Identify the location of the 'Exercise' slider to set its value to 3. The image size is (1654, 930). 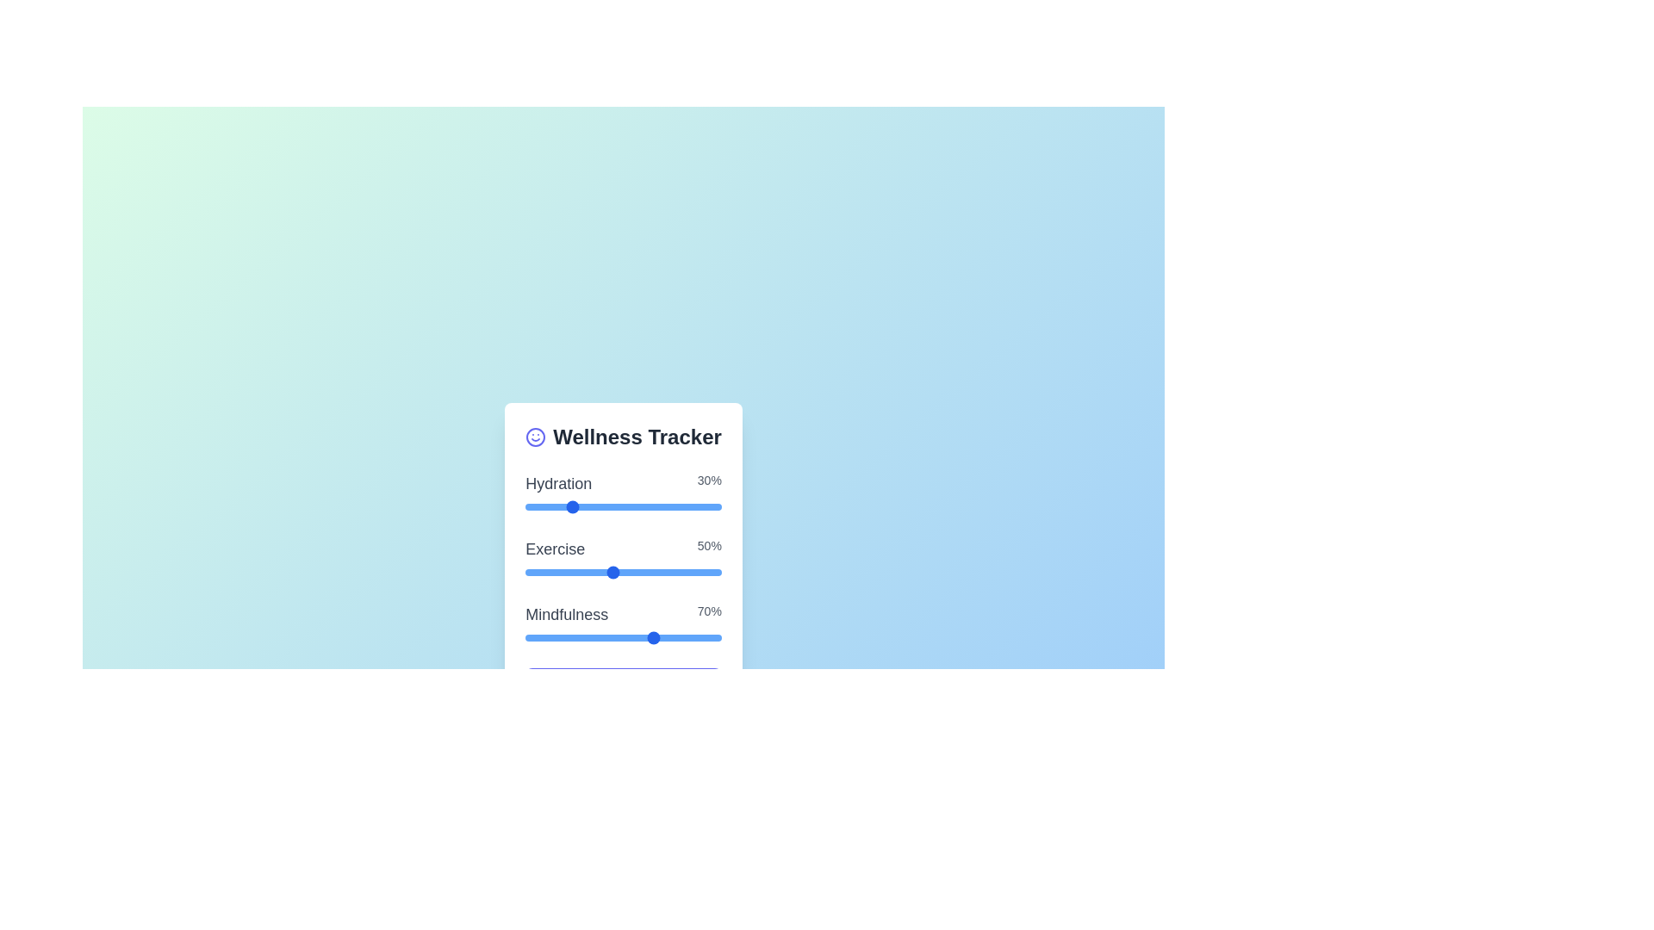
(569, 572).